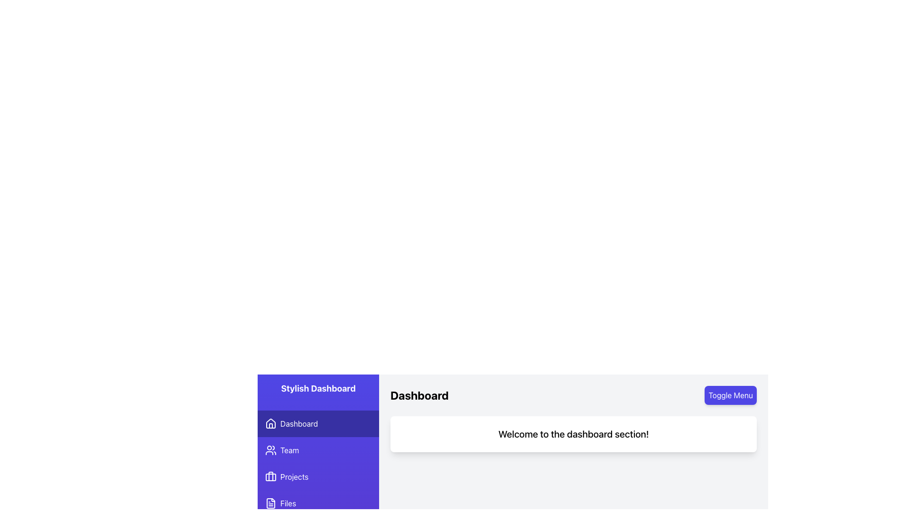  I want to click on the vertical line within the briefcase icon located in the left-hand sidebar menu under the 'Projects' section, so click(270, 476).